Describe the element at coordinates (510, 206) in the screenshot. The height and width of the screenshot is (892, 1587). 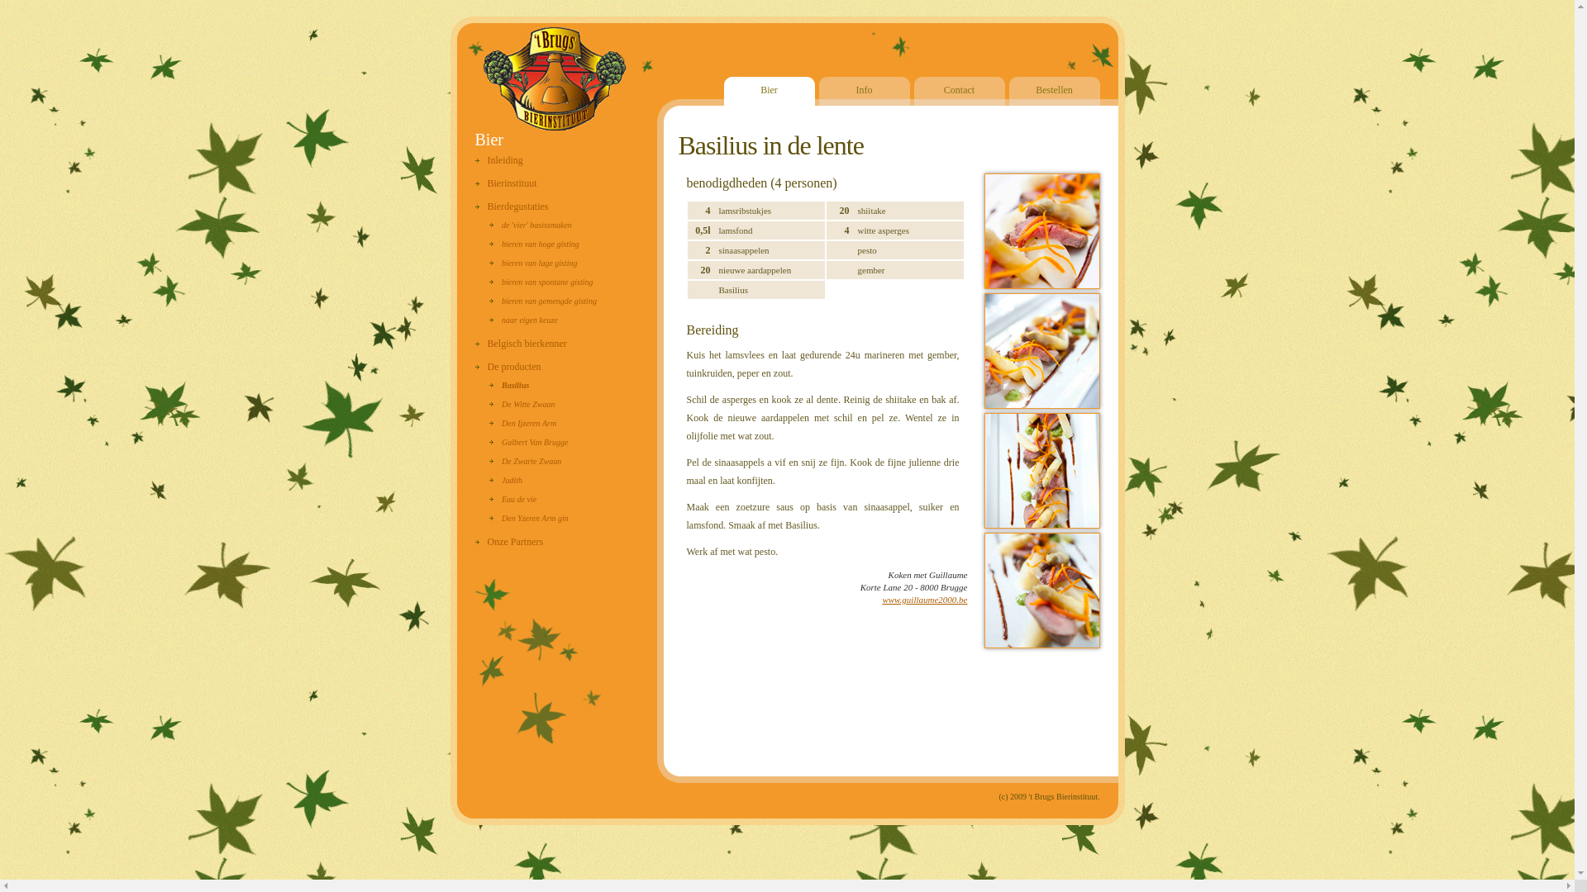
I see `'Bierdegustaties'` at that location.